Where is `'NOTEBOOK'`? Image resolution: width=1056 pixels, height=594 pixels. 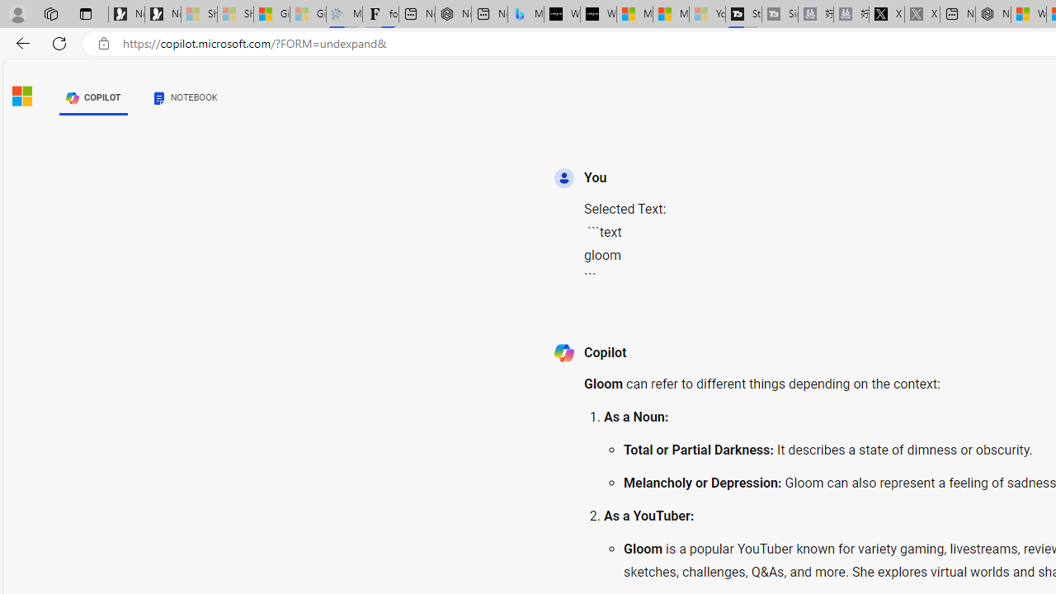
'NOTEBOOK' is located at coordinates (185, 97).